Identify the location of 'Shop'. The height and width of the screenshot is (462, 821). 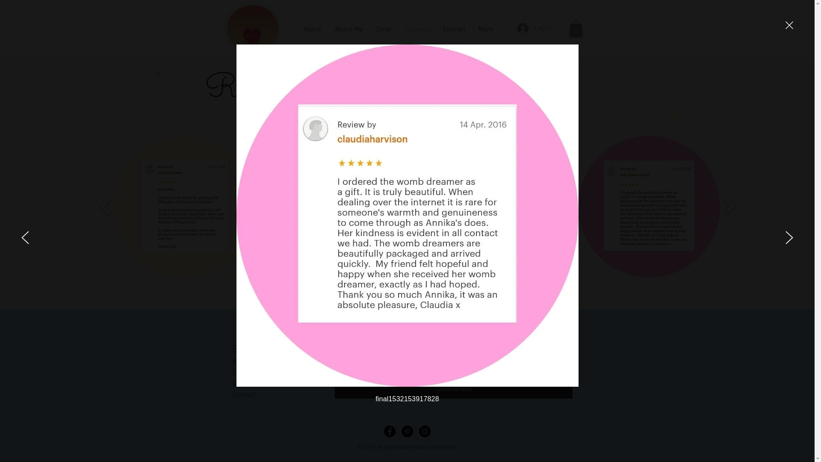
(239, 373).